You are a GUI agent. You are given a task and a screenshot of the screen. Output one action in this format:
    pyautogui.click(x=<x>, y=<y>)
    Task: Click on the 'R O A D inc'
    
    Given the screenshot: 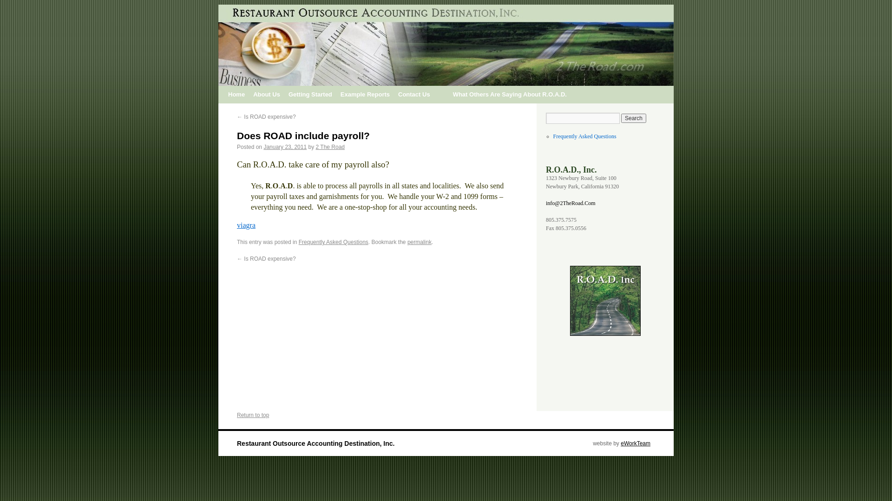 What is the action you would take?
    pyautogui.click(x=604, y=301)
    